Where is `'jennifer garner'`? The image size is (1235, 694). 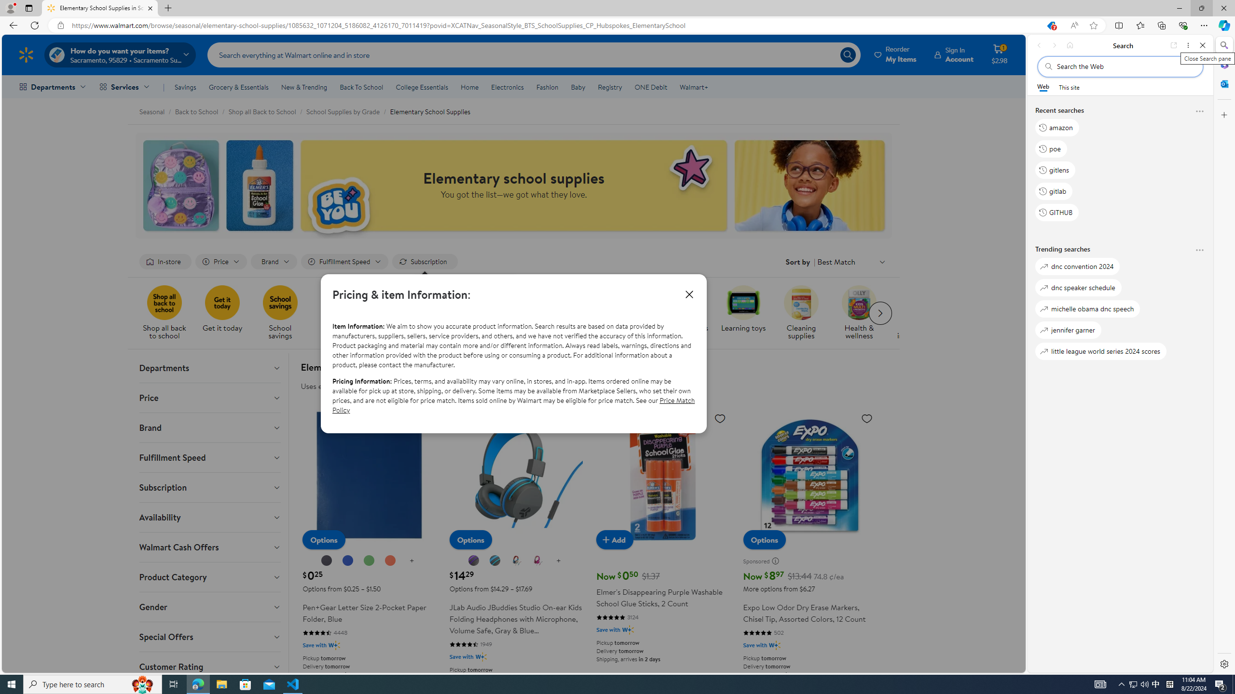 'jennifer garner' is located at coordinates (1068, 329).